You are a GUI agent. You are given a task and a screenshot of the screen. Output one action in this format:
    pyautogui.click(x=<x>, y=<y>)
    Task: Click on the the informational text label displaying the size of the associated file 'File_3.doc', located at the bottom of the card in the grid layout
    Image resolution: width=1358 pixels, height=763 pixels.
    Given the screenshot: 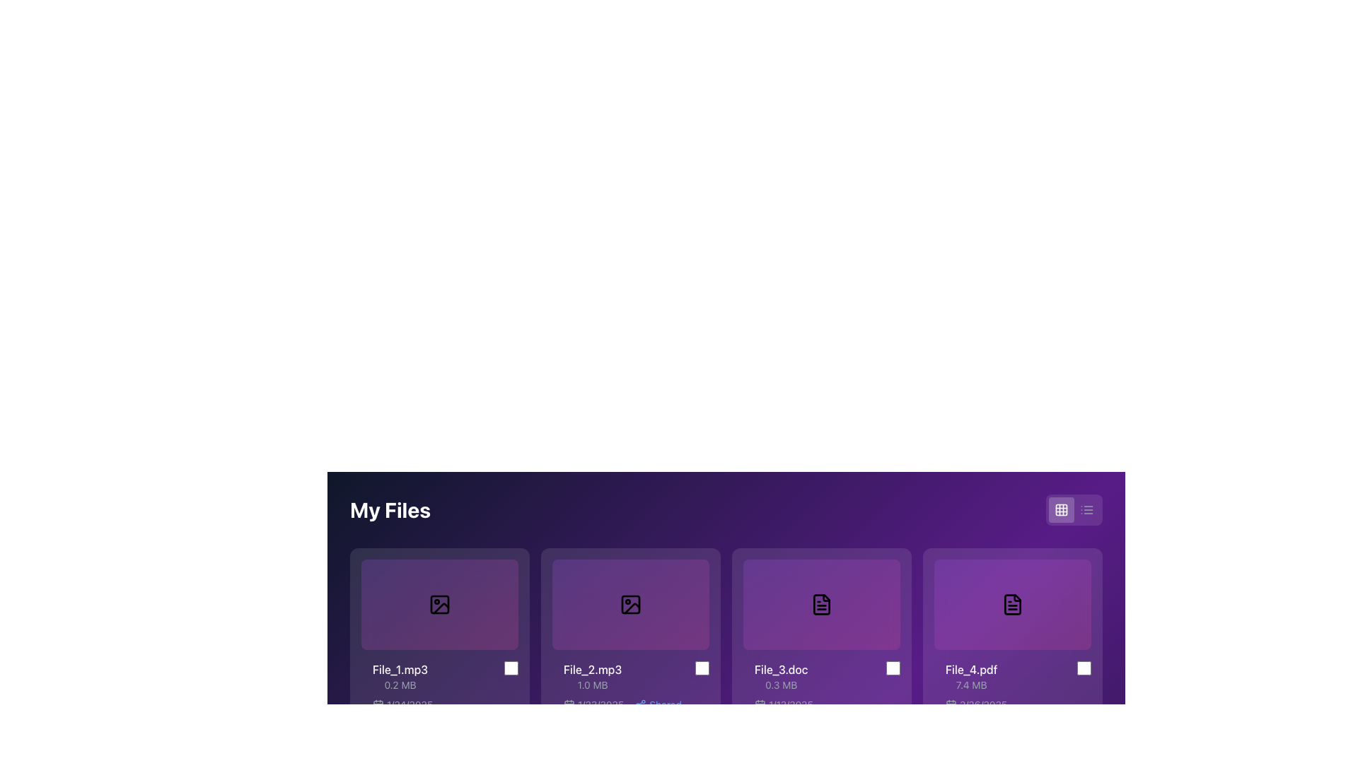 What is the action you would take?
    pyautogui.click(x=780, y=684)
    